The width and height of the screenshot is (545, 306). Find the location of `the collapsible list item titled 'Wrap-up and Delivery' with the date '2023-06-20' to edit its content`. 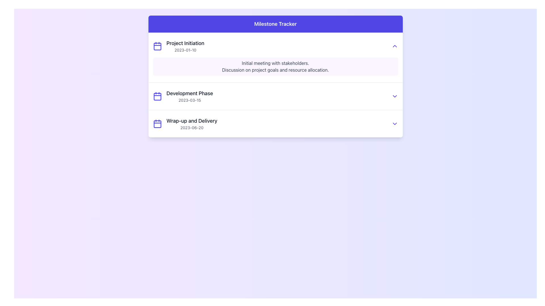

the collapsible list item titled 'Wrap-up and Delivery' with the date '2023-06-20' to edit its content is located at coordinates (275, 123).